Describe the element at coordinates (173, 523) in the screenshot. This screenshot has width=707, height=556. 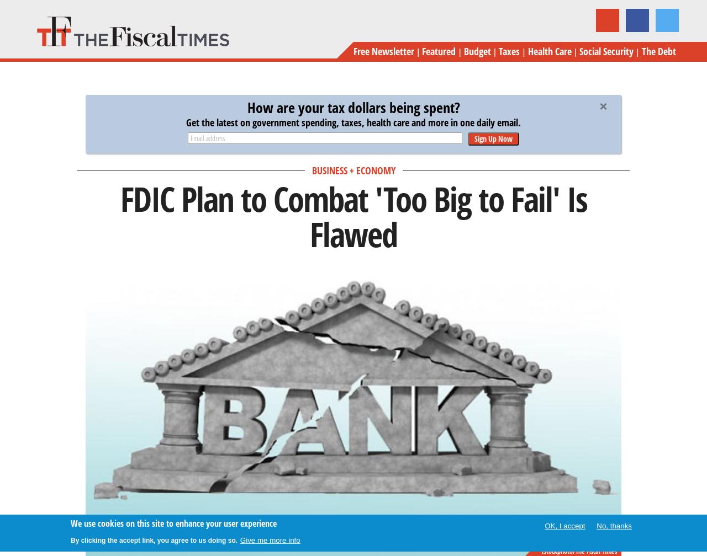
I see `'We use cookies on this site to enhance your user experience'` at that location.